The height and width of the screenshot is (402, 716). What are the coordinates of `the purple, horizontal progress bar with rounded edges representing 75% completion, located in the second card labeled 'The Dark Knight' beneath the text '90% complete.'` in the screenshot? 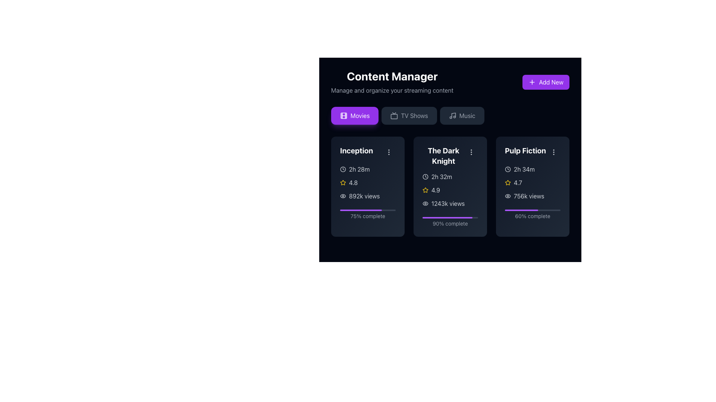 It's located at (361, 210).